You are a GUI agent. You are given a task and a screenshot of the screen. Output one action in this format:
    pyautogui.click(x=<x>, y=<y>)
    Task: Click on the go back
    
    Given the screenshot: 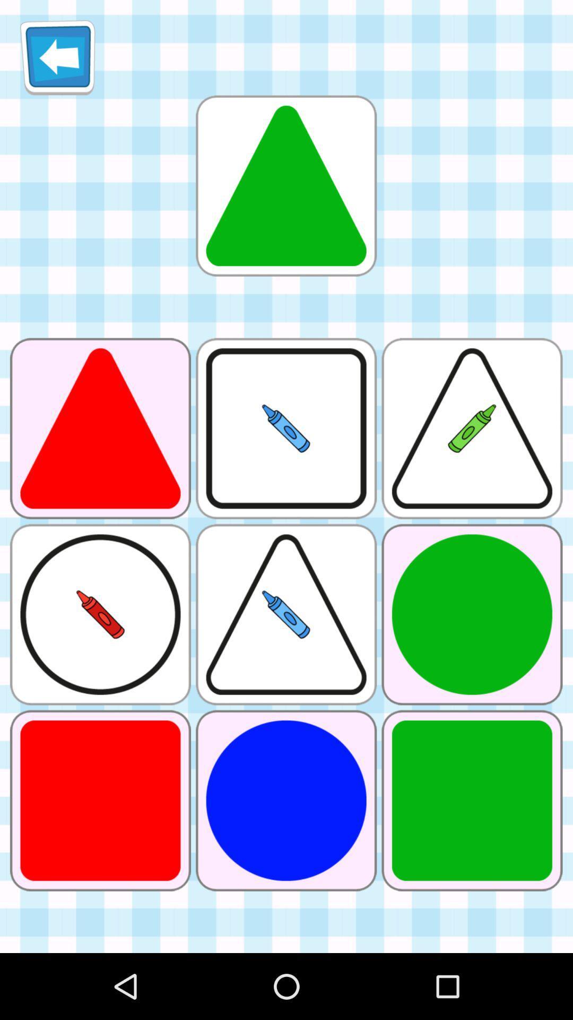 What is the action you would take?
    pyautogui.click(x=57, y=57)
    